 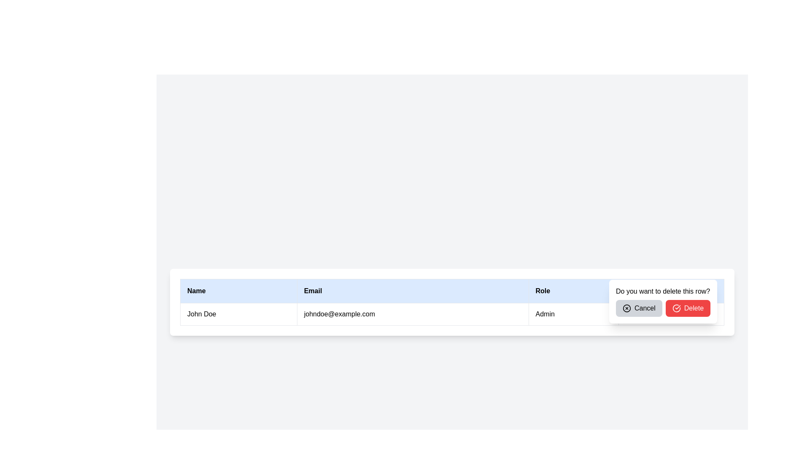 What do you see at coordinates (627, 308) in the screenshot?
I see `the red 'X' SVG icon indicating a cancel action, which is part of the 'Cancel' button adjacent to the 'Cancel' label in the confirmation popup dialog for deleting a row` at bounding box center [627, 308].